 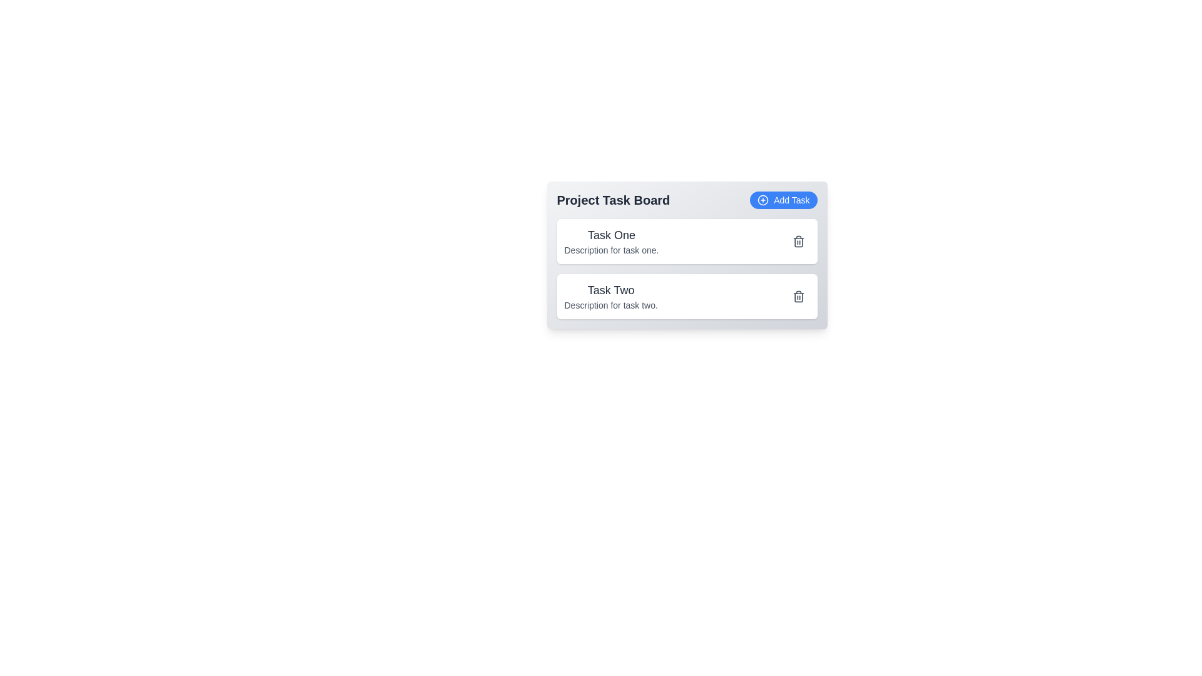 I want to click on the second task entry labeled with its title and description in the Project Task Board interface, so click(x=611, y=297).